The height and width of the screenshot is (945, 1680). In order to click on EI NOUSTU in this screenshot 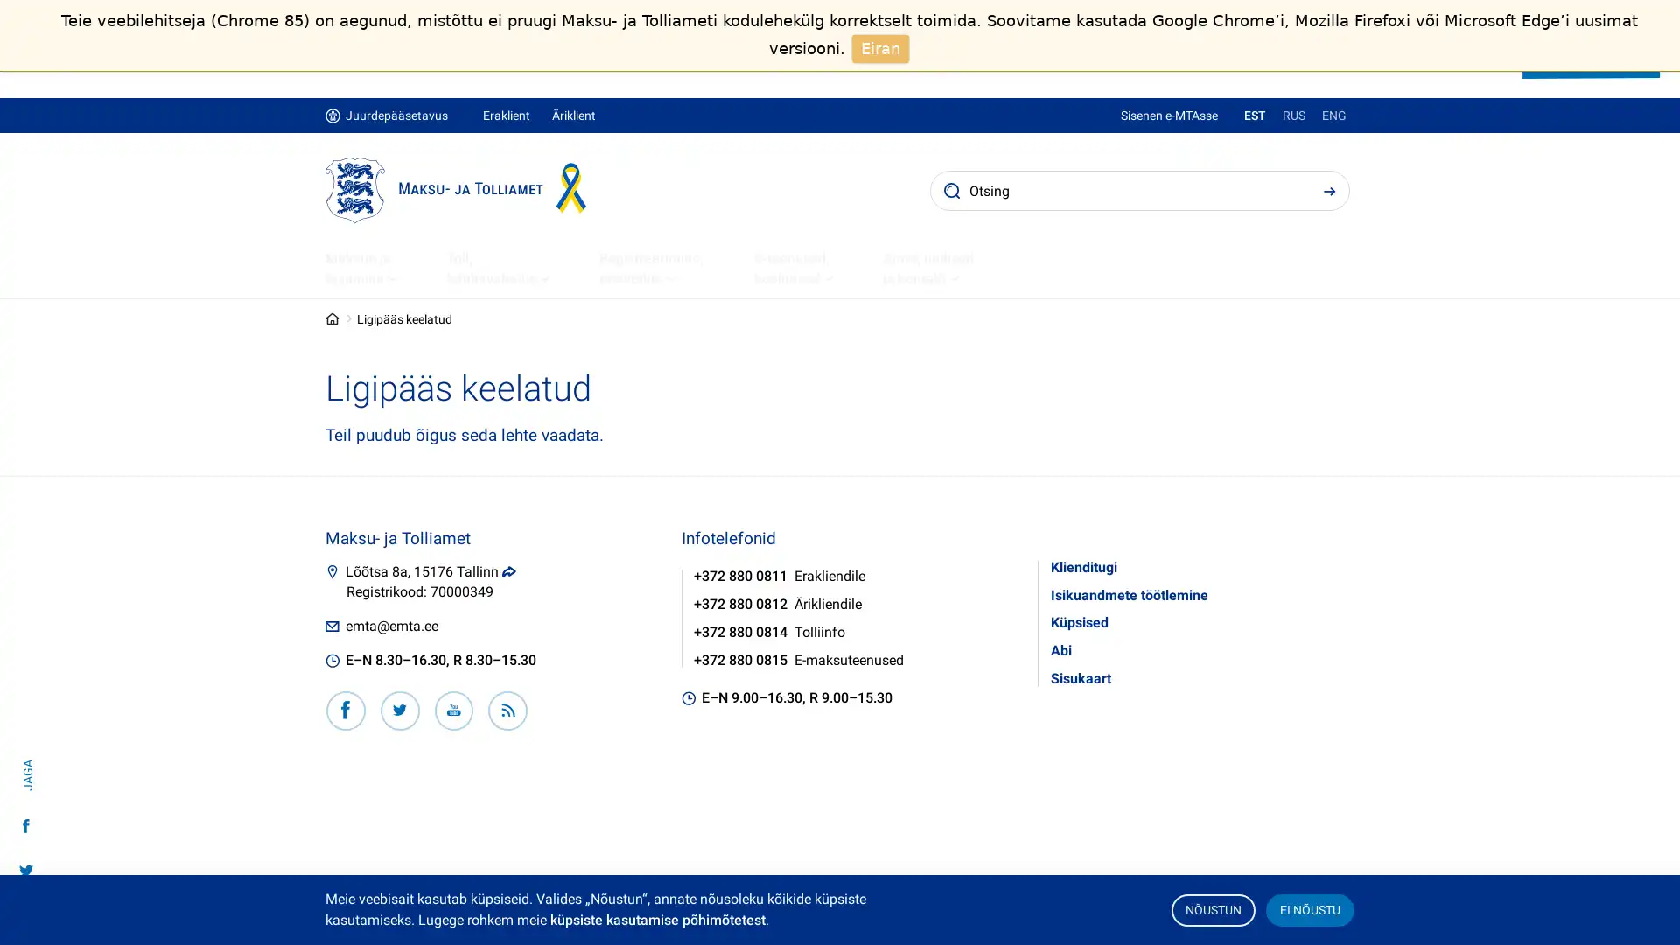, I will do `click(1309, 908)`.